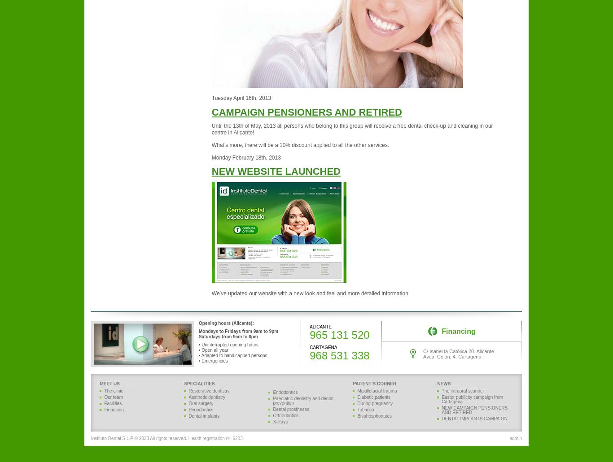 Image resolution: width=613 pixels, height=462 pixels. Describe the element at coordinates (113, 403) in the screenshot. I see `'Facilities'` at that location.